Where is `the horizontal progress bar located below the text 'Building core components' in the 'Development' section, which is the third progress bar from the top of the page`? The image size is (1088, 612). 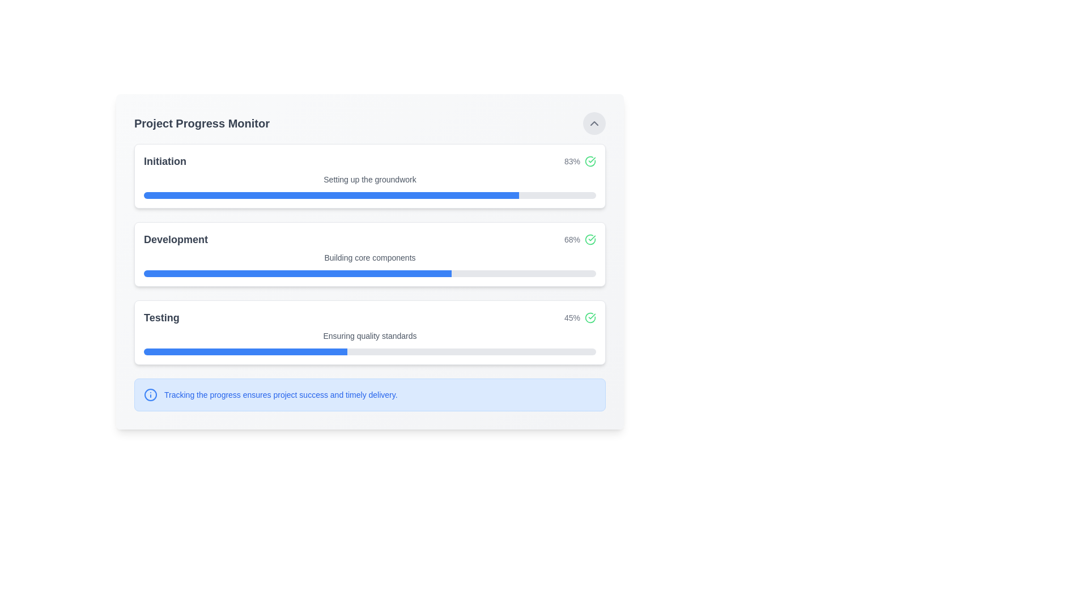 the horizontal progress bar located below the text 'Building core components' in the 'Development' section, which is the third progress bar from the top of the page is located at coordinates (369, 273).